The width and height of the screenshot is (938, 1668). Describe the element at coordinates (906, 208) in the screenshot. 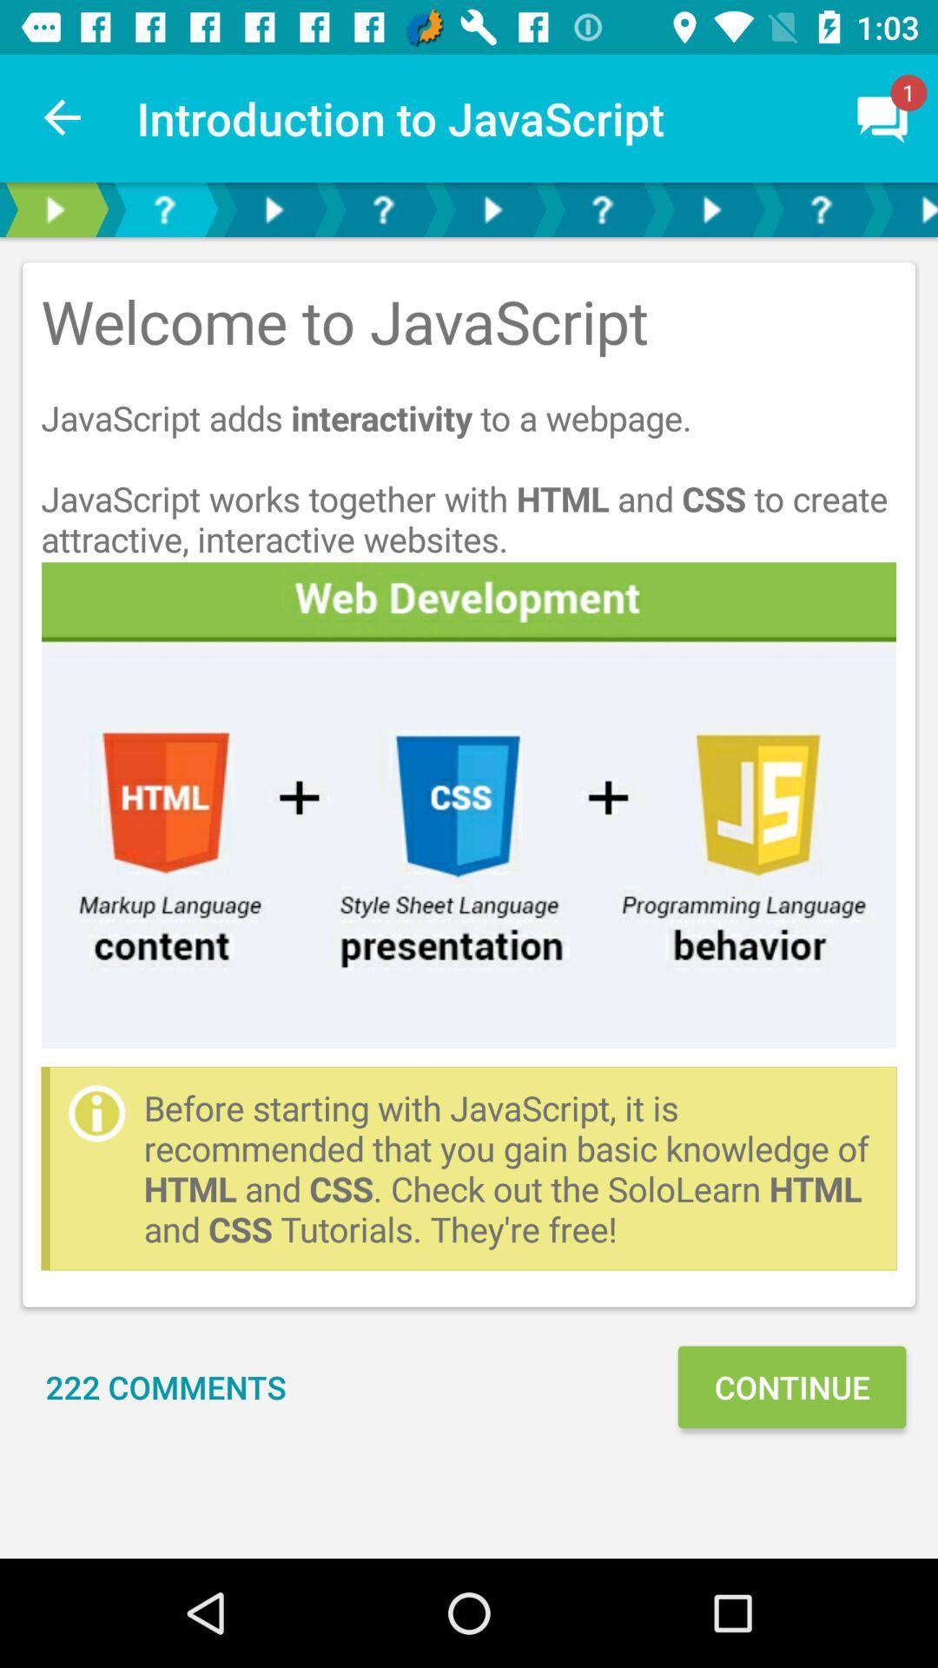

I see `next page` at that location.